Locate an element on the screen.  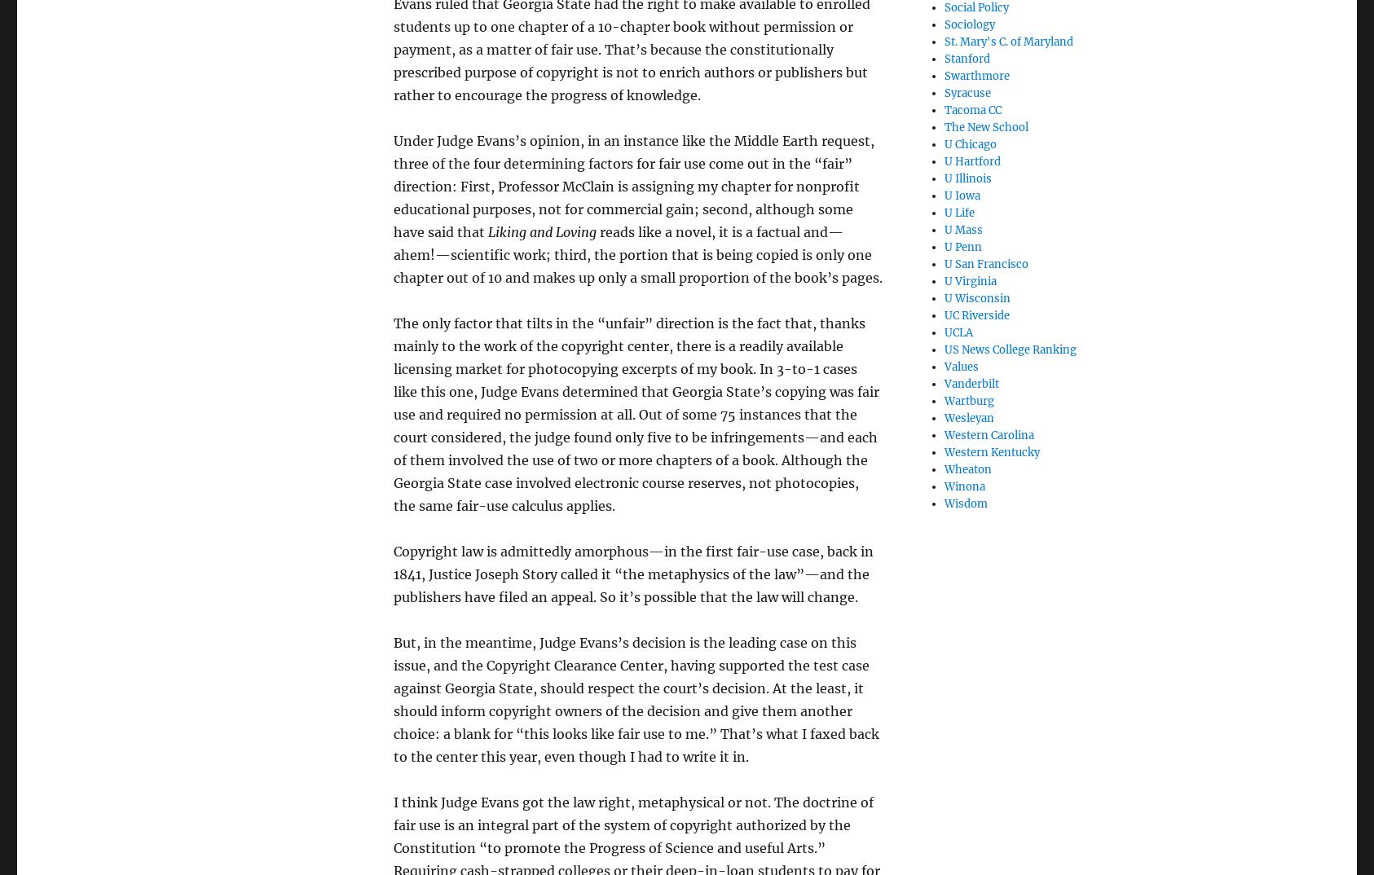
'Wesleyan' is located at coordinates (943, 417).